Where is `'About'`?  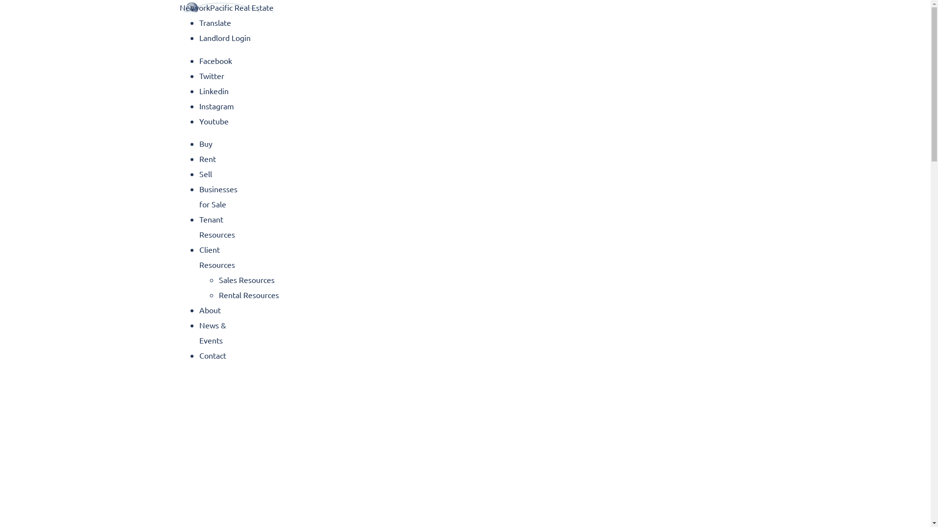
'About' is located at coordinates (210, 310).